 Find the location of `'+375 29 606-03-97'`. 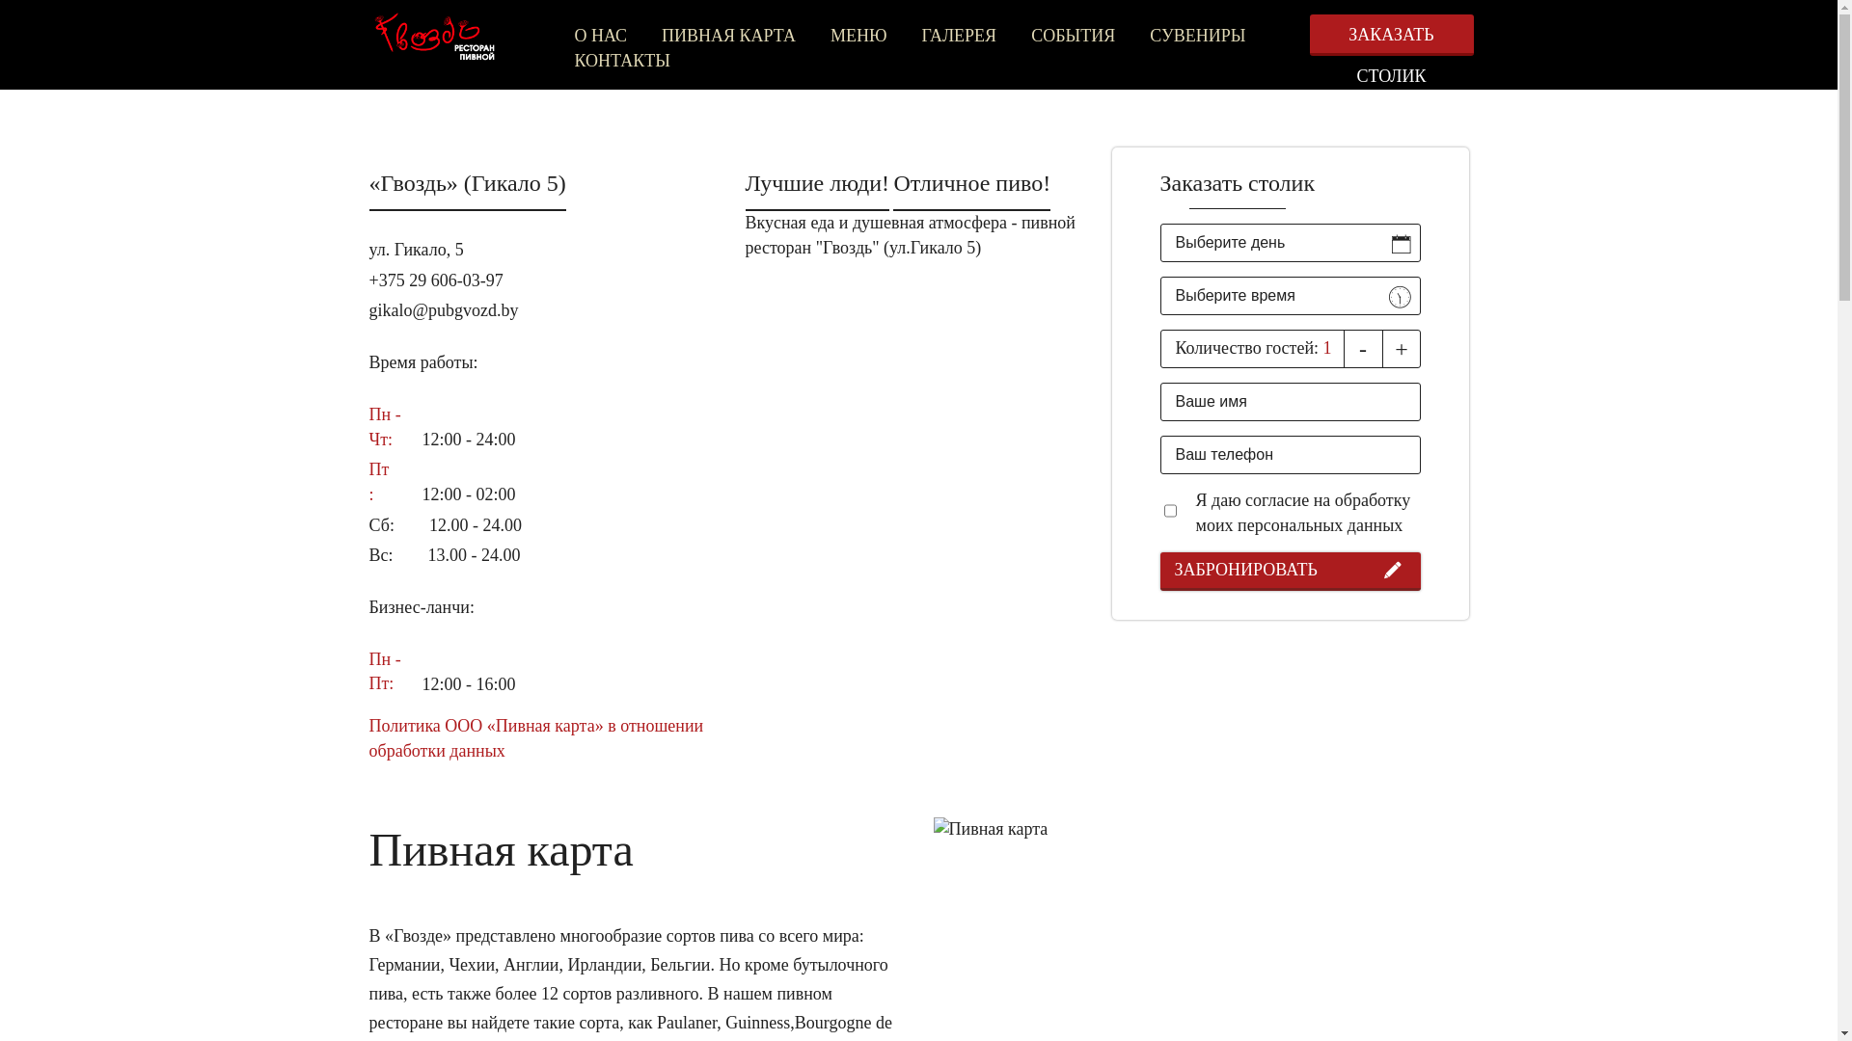

'+375 29 606-03-97' is located at coordinates (434, 280).